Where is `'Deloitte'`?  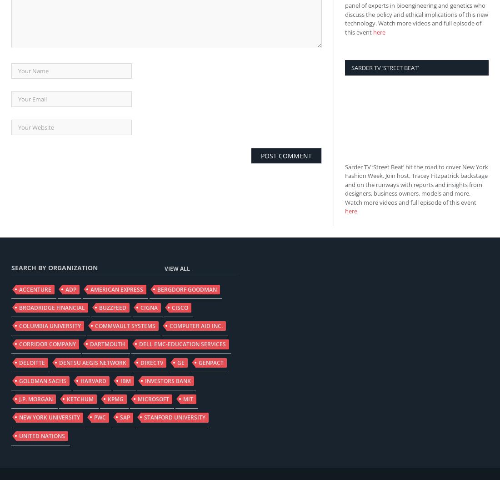
'Deloitte' is located at coordinates (32, 362).